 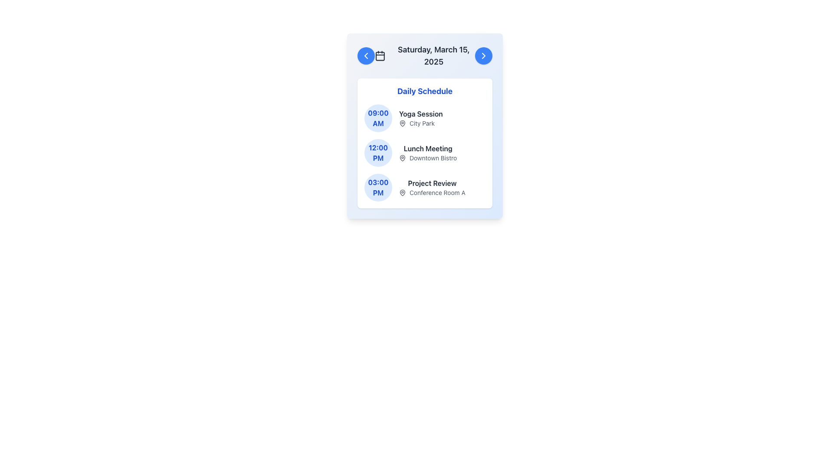 What do you see at coordinates (425, 55) in the screenshot?
I see `displayed date from the Text Label with Navigation Controls that shows 'Saturday, March 15, 2025', centrally located in the header section of the card-like component` at bounding box center [425, 55].